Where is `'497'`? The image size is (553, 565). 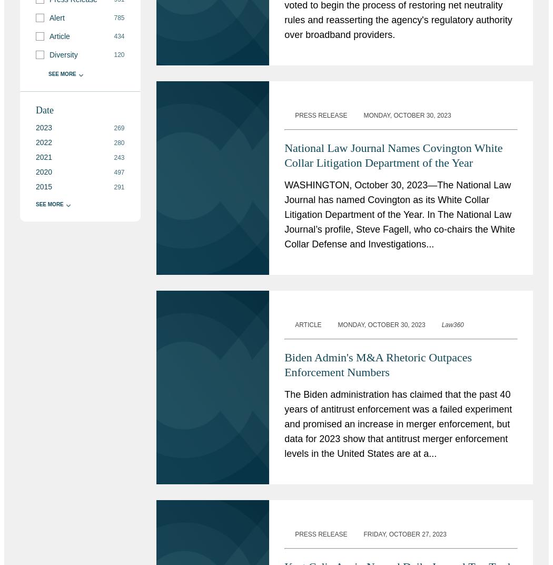
'497' is located at coordinates (118, 171).